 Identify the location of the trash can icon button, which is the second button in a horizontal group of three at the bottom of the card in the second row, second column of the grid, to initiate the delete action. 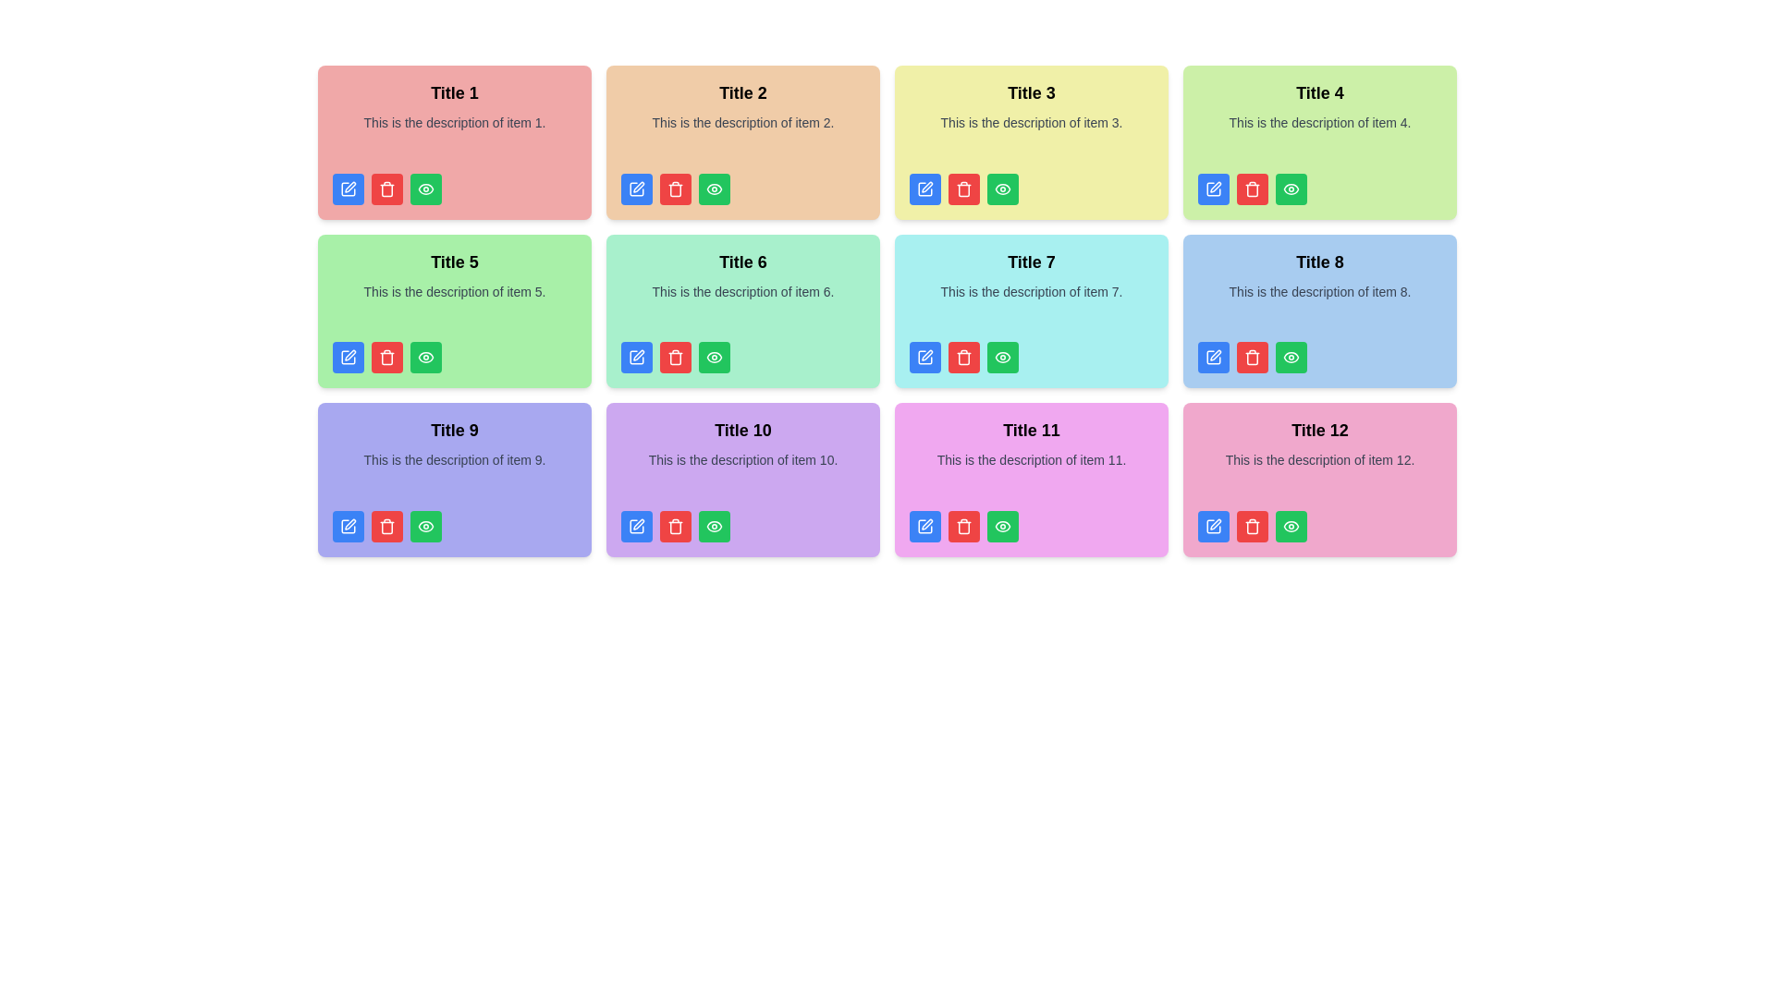
(674, 526).